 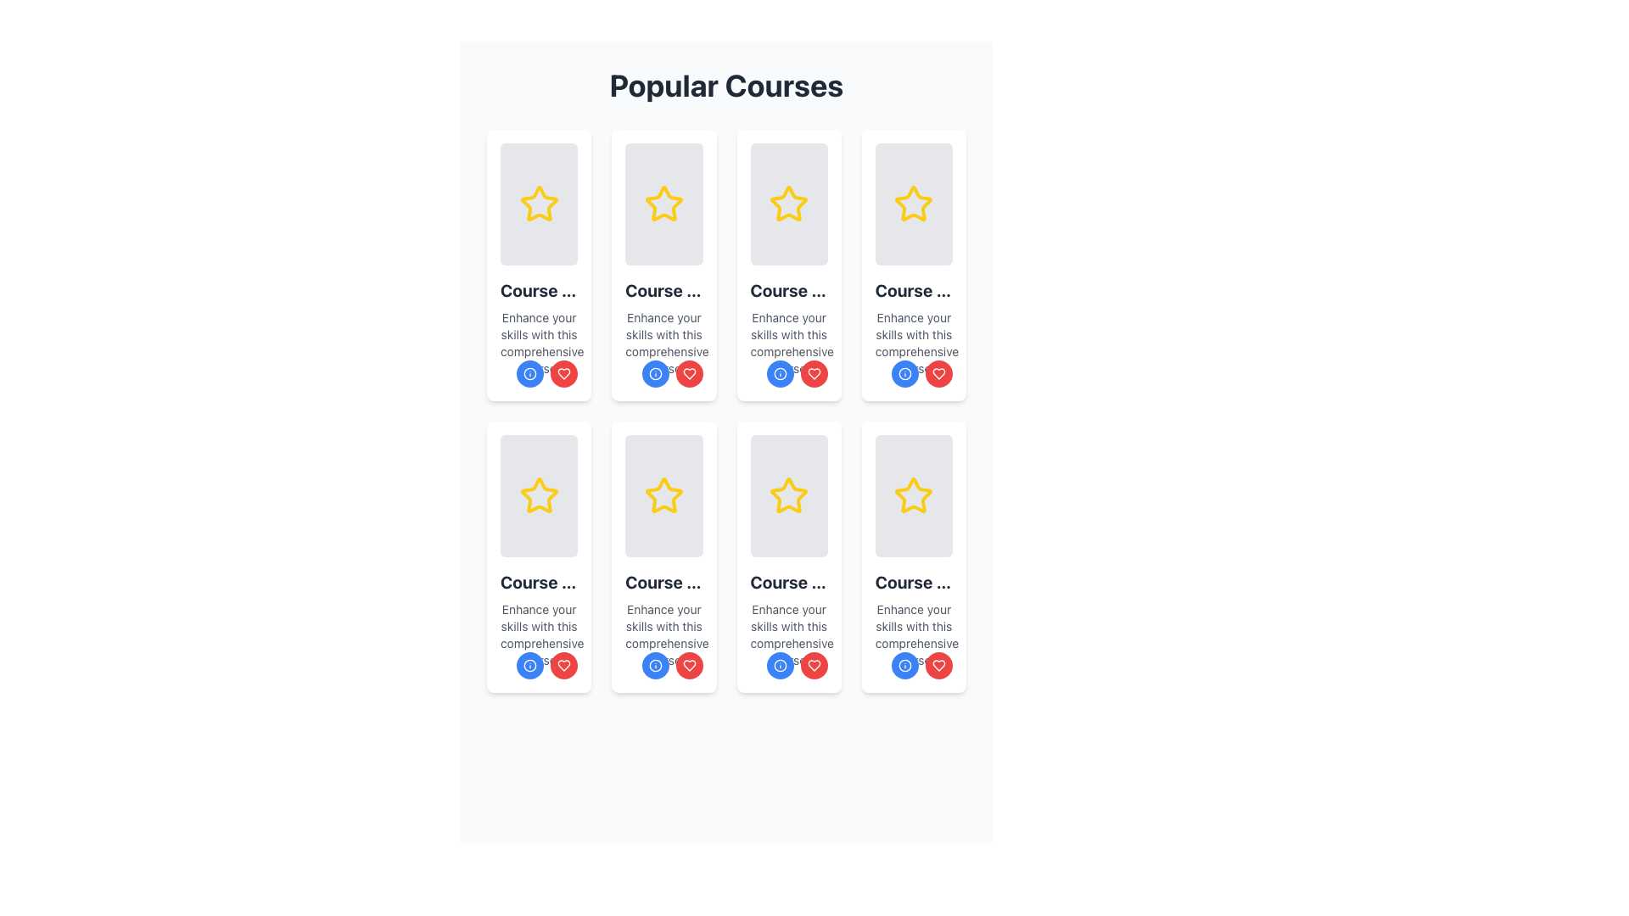 I want to click on the blue button located in the button group at the bottom right corner of the card titled 'Course Title 2' to obtain information about the course, so click(x=671, y=372).